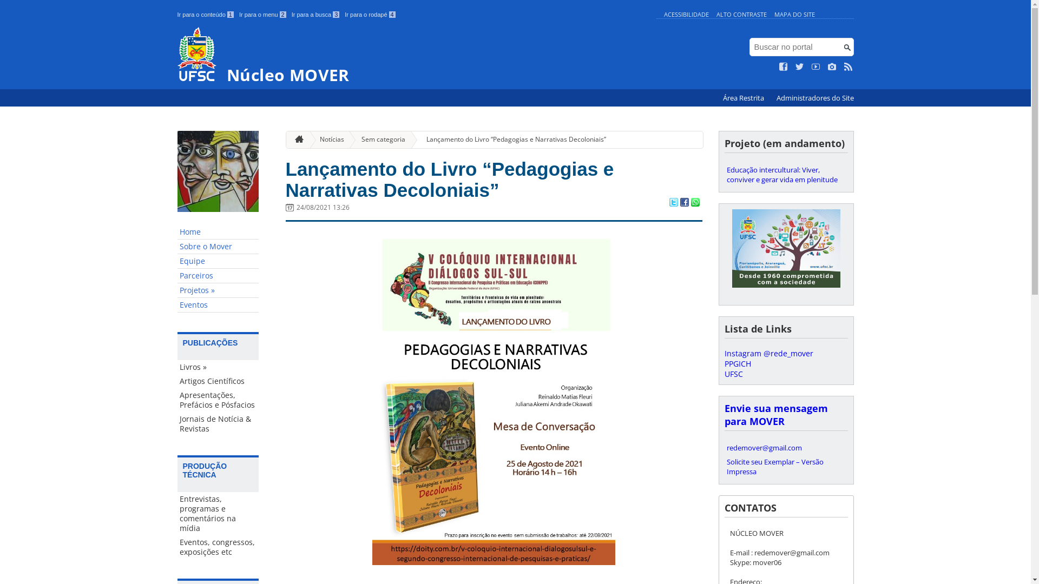 The width and height of the screenshot is (1039, 584). What do you see at coordinates (724, 448) in the screenshot?
I see `'redemover@gmail.com'` at bounding box center [724, 448].